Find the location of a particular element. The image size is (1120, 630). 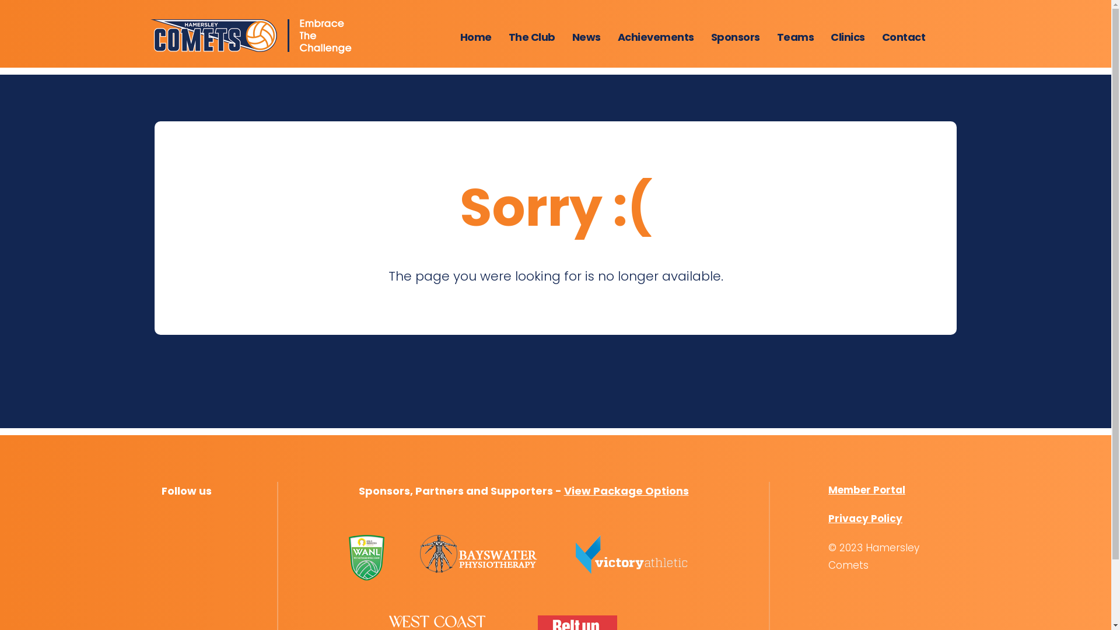

'The Club' is located at coordinates (531, 36).